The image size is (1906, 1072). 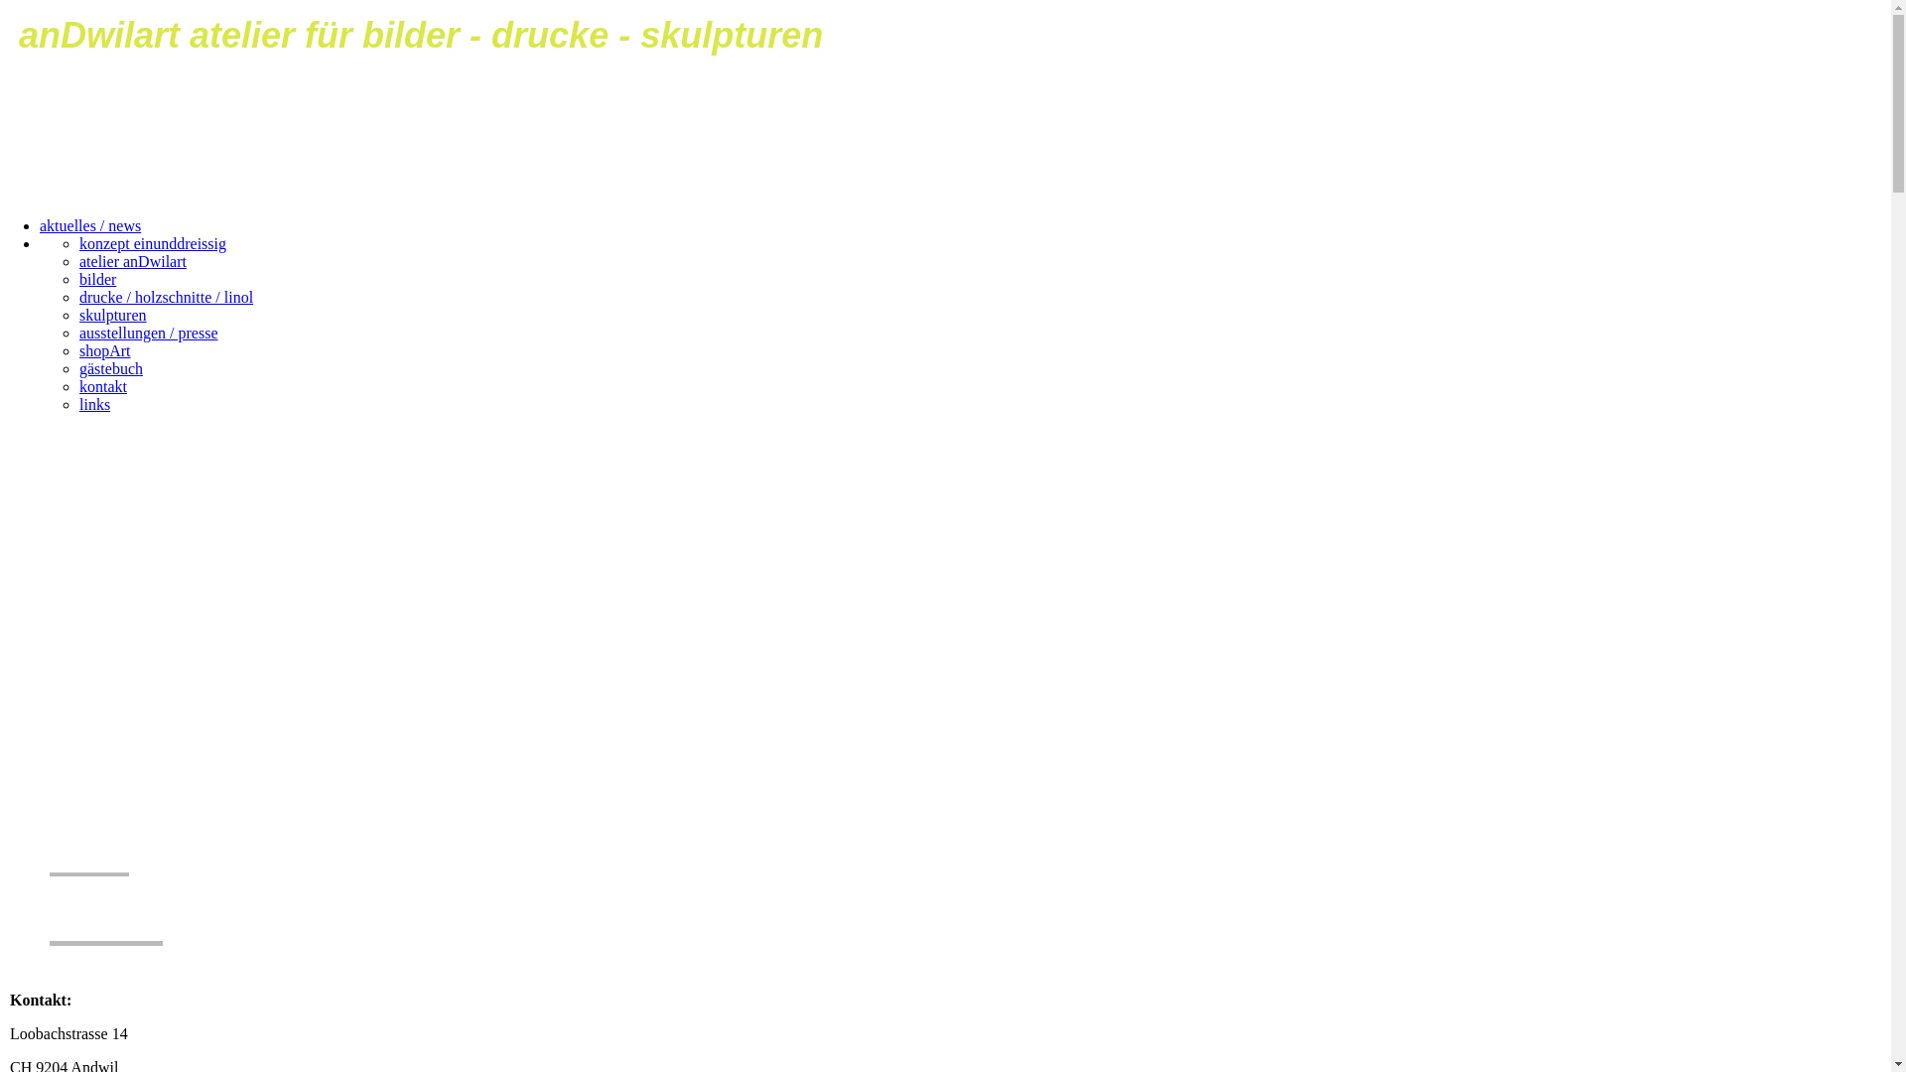 I want to click on 'aktuelles / news', so click(x=89, y=224).